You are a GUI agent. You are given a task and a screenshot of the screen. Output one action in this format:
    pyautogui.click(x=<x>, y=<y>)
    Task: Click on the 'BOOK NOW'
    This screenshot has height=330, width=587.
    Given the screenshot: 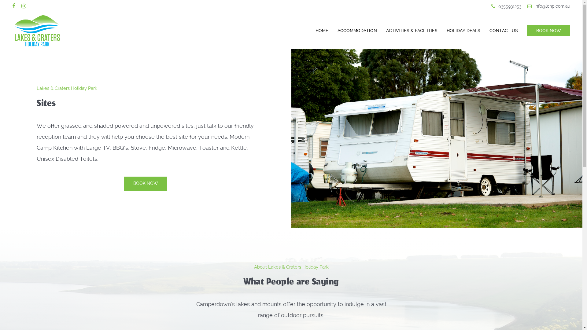 What is the action you would take?
    pyautogui.click(x=546, y=31)
    